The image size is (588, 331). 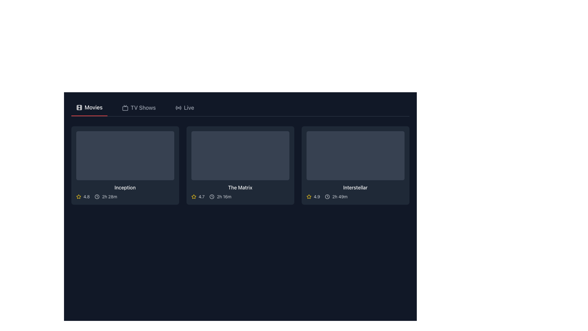 I want to click on the static text component displaying the rating value for the movie 'Interstellar', located at the bottom right of the card, so click(x=317, y=196).